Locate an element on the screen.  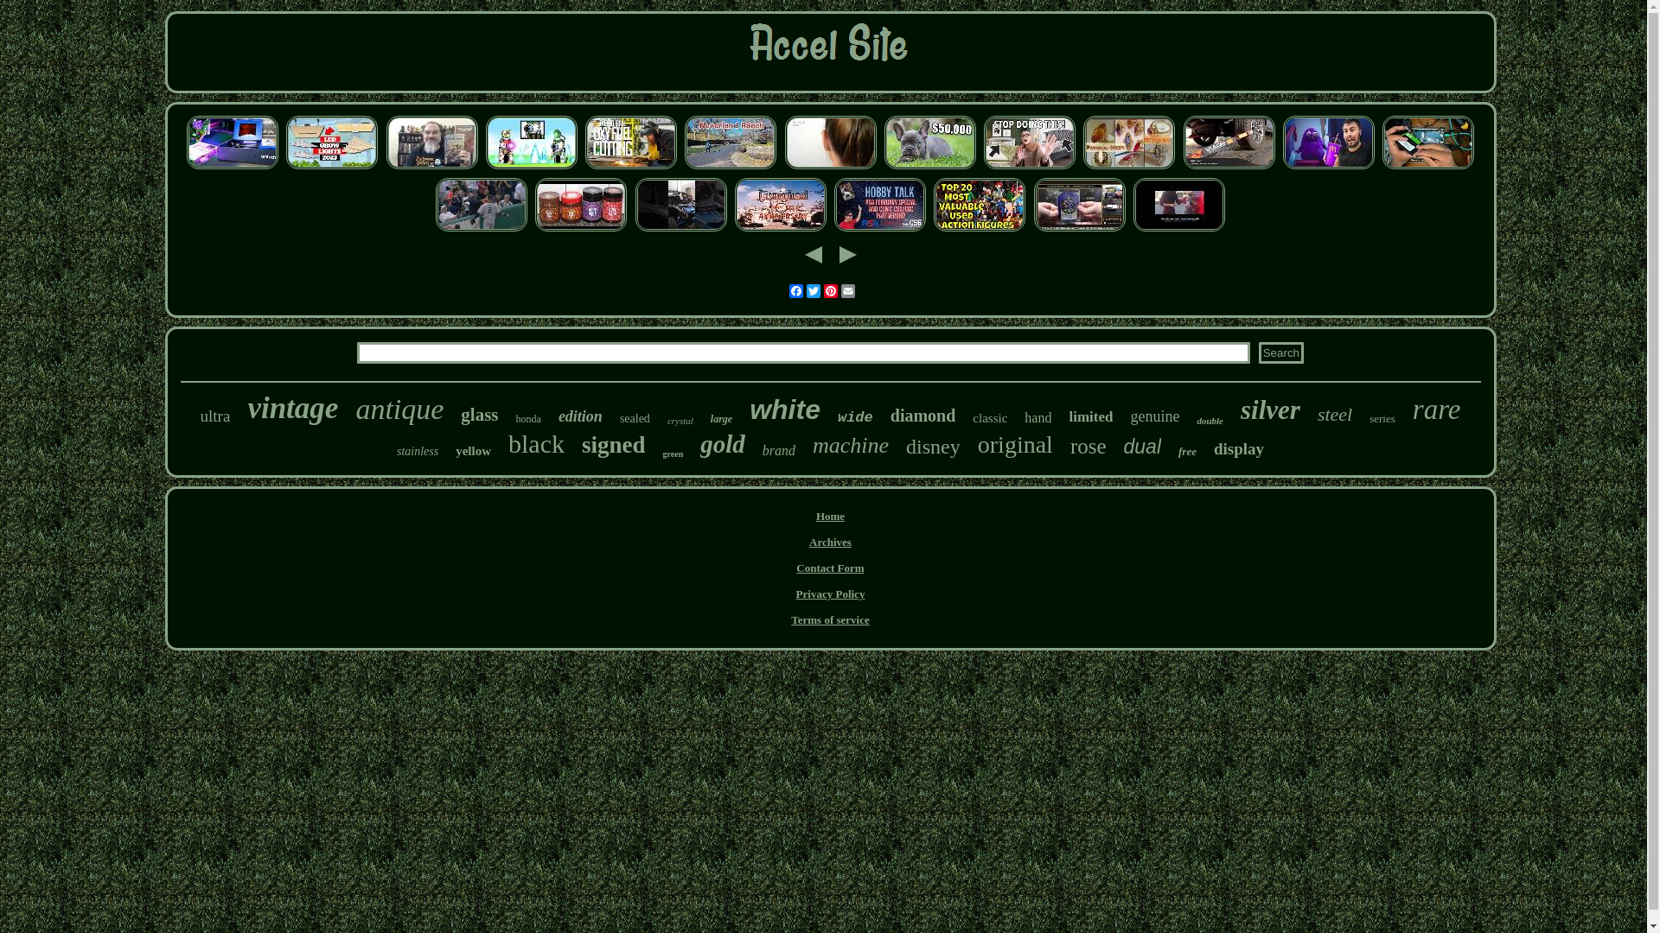
'silver' is located at coordinates (1270, 409).